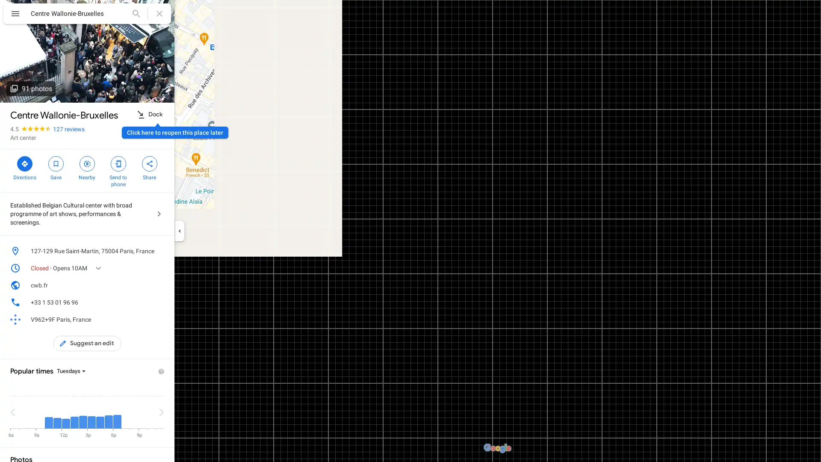  What do you see at coordinates (159, 13) in the screenshot?
I see `Clear search` at bounding box center [159, 13].